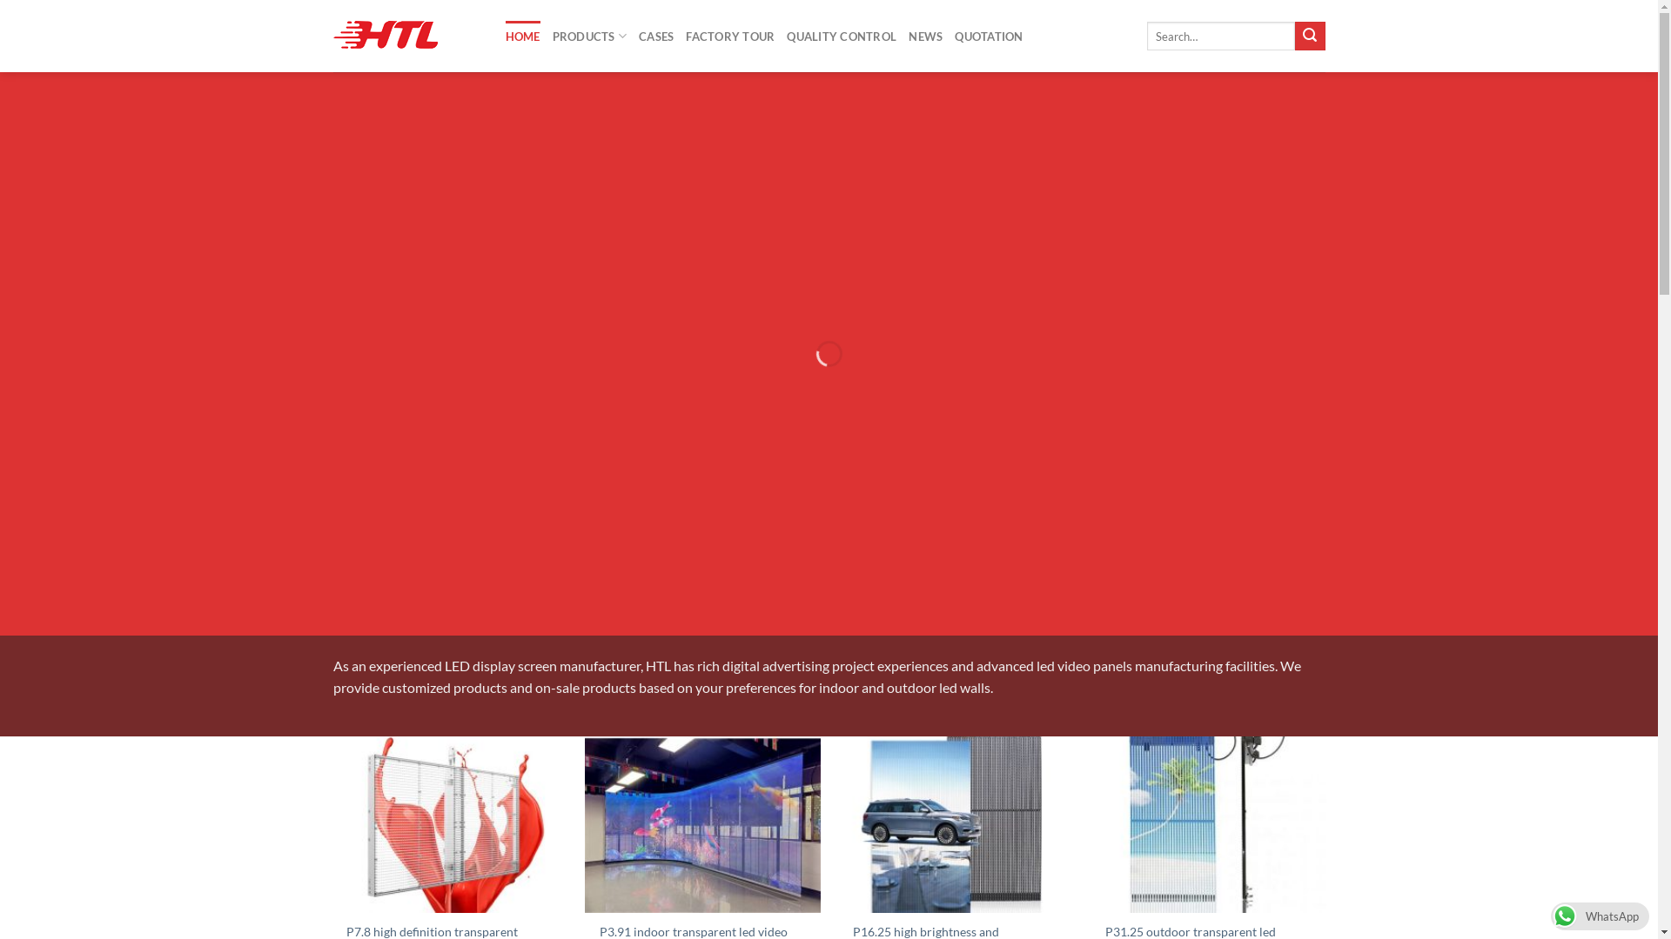 Image resolution: width=1671 pixels, height=939 pixels. I want to click on 'FACTORY TOUR', so click(730, 37).